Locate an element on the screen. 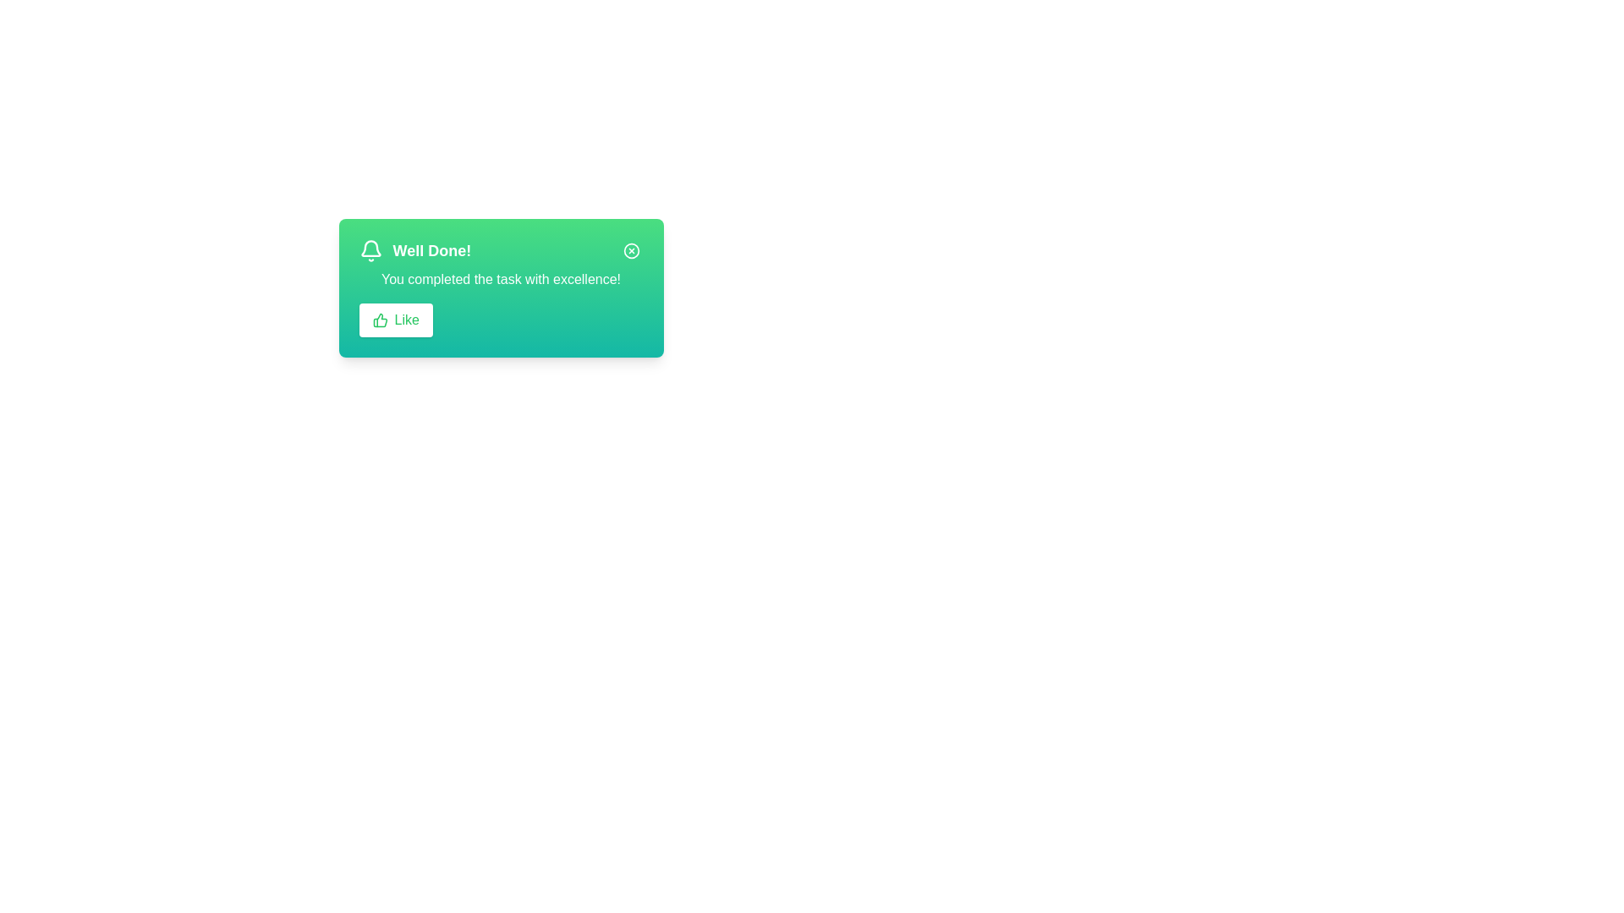  the close button to hide the alert is located at coordinates (630, 251).